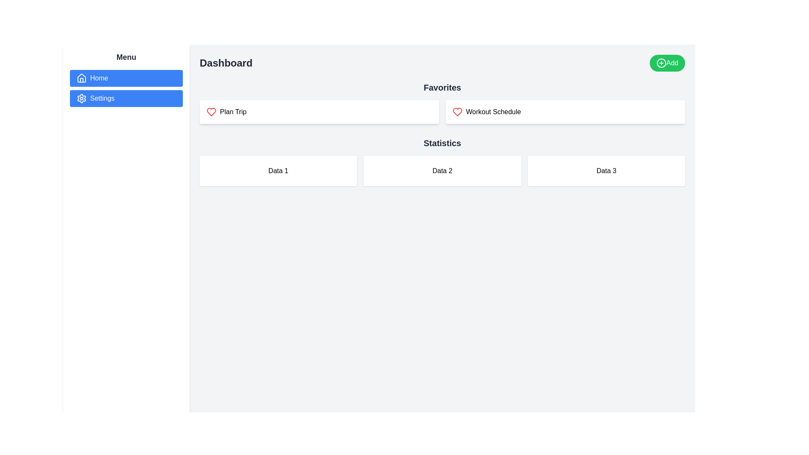 The width and height of the screenshot is (809, 455). What do you see at coordinates (126, 88) in the screenshot?
I see `the 'Settings' label in the Navigation menu entry, which is the second item in the left panel labeled 'Menu', to go to the settings section` at bounding box center [126, 88].